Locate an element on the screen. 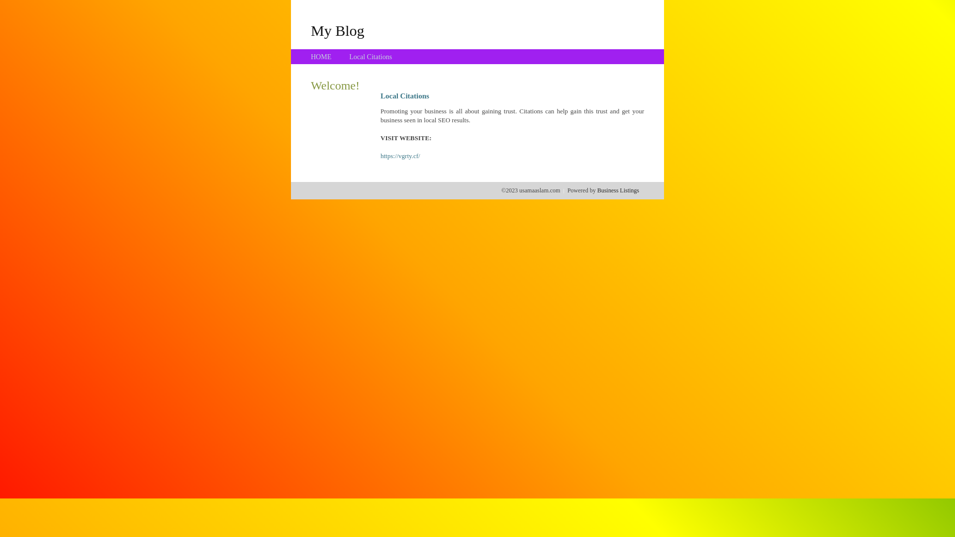 This screenshot has width=955, height=537. 'HOME' is located at coordinates (321, 57).